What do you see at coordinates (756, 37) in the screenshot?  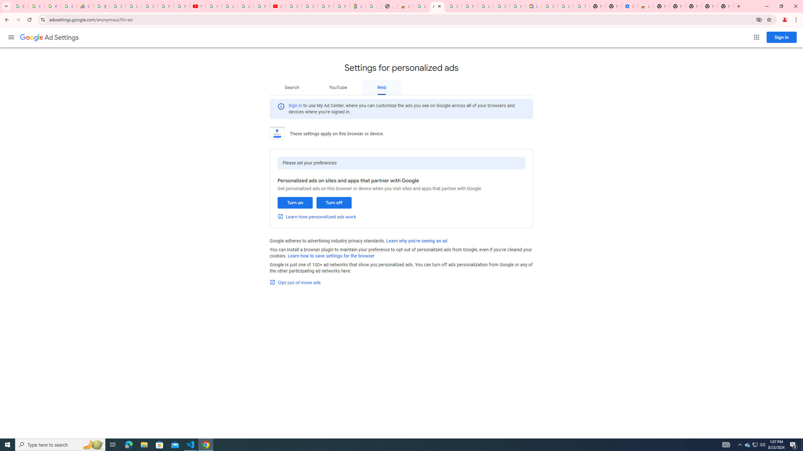 I see `'Google apps'` at bounding box center [756, 37].